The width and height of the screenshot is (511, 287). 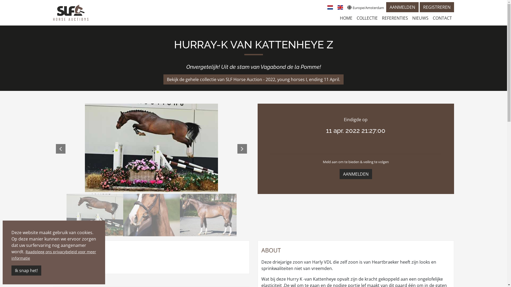 I want to click on 'REFERENTIES', so click(x=379, y=18).